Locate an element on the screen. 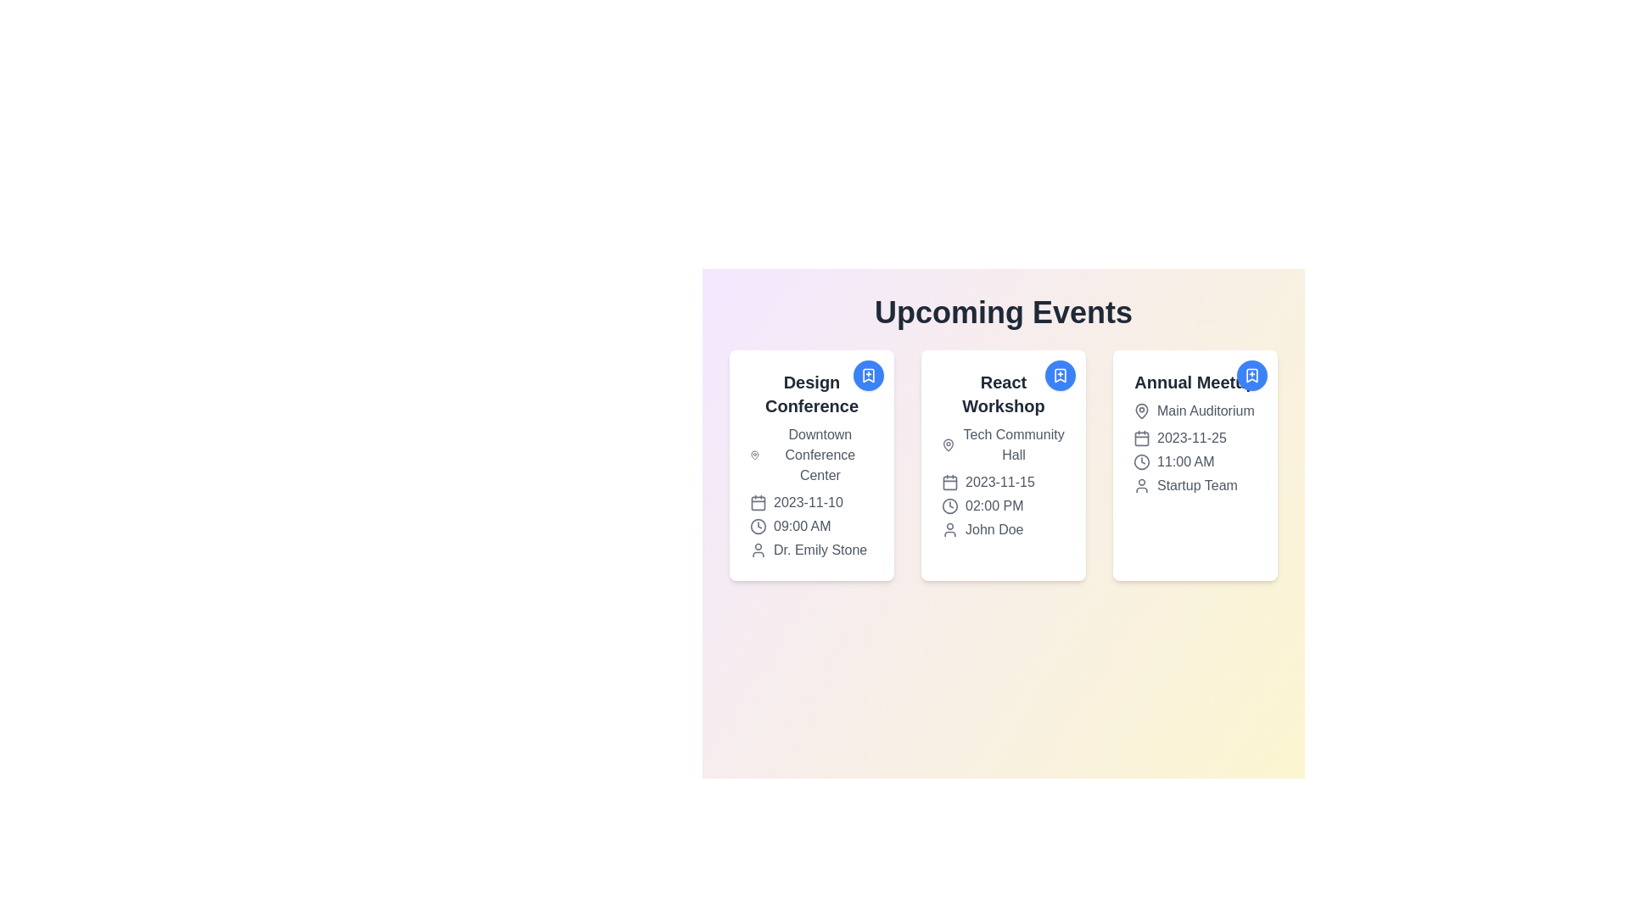 The height and width of the screenshot is (916, 1629). the circular blue button with a white bookmark icon and '+' symbol located at the top-right corner of the 'React Workshop' card to bookmark the associated event is located at coordinates (1059, 375).